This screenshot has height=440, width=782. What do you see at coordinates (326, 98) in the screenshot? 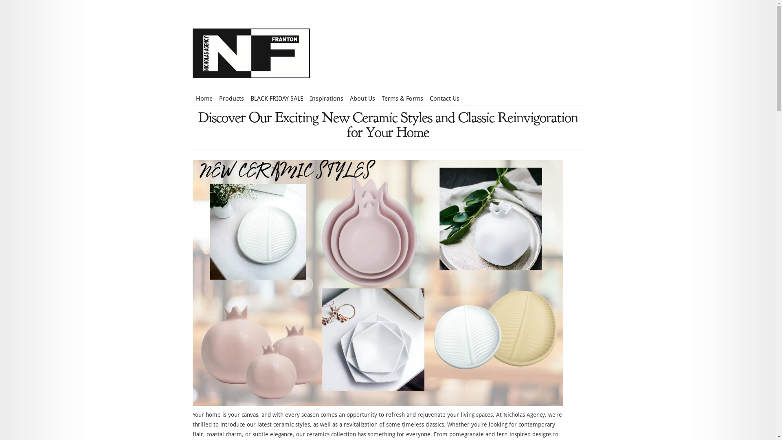
I see `'Inspirations'` at bounding box center [326, 98].